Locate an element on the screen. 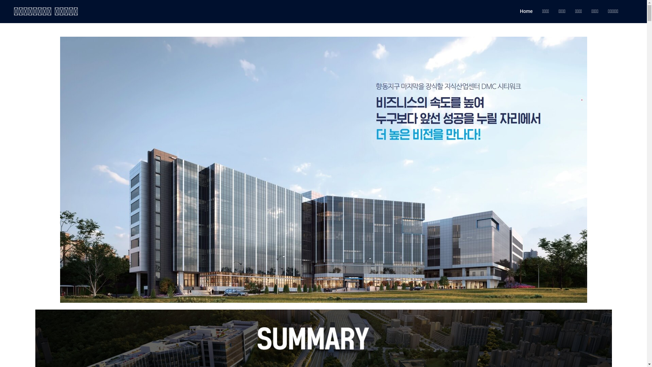 The width and height of the screenshot is (652, 367). 'Home' is located at coordinates (526, 12).